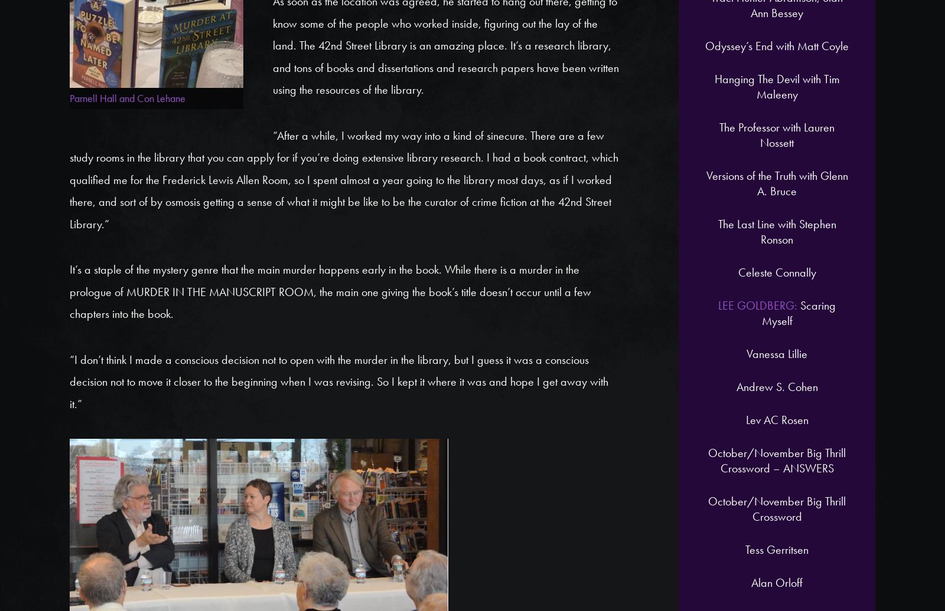 This screenshot has height=611, width=945. Describe the element at coordinates (696, 189) in the screenshot. I see `'Submit Your Book'` at that location.